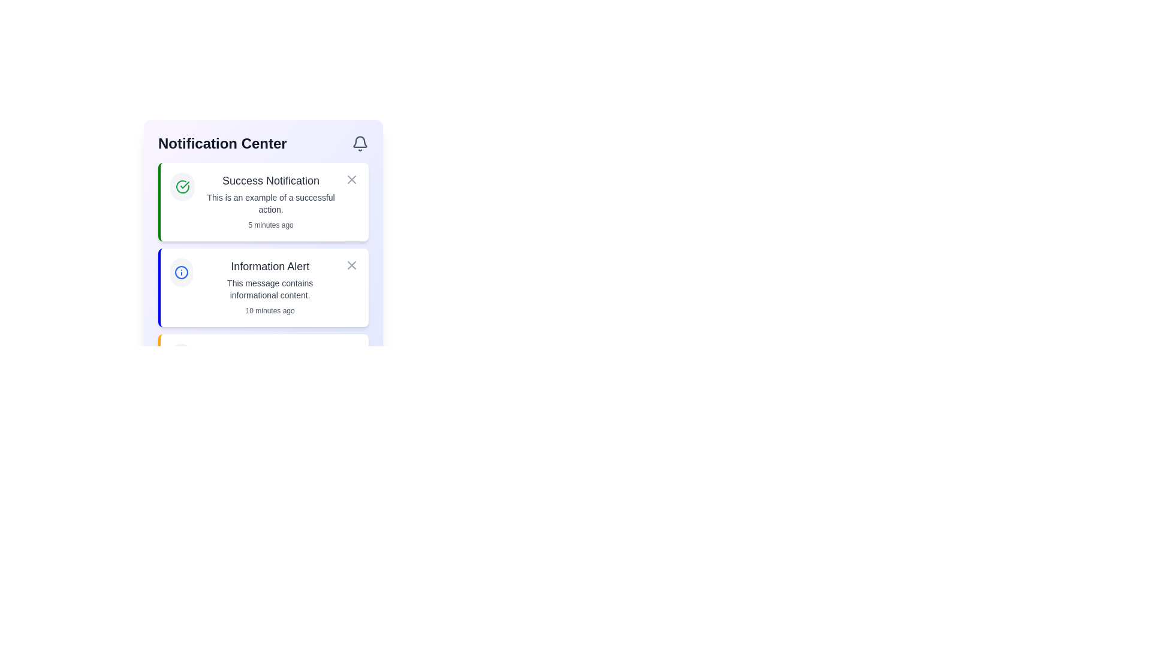 The height and width of the screenshot is (647, 1151). Describe the element at coordinates (182, 187) in the screenshot. I see `the success icon located within the success notification card, positioned to the left of the 'Success Notification' title and the close button` at that location.